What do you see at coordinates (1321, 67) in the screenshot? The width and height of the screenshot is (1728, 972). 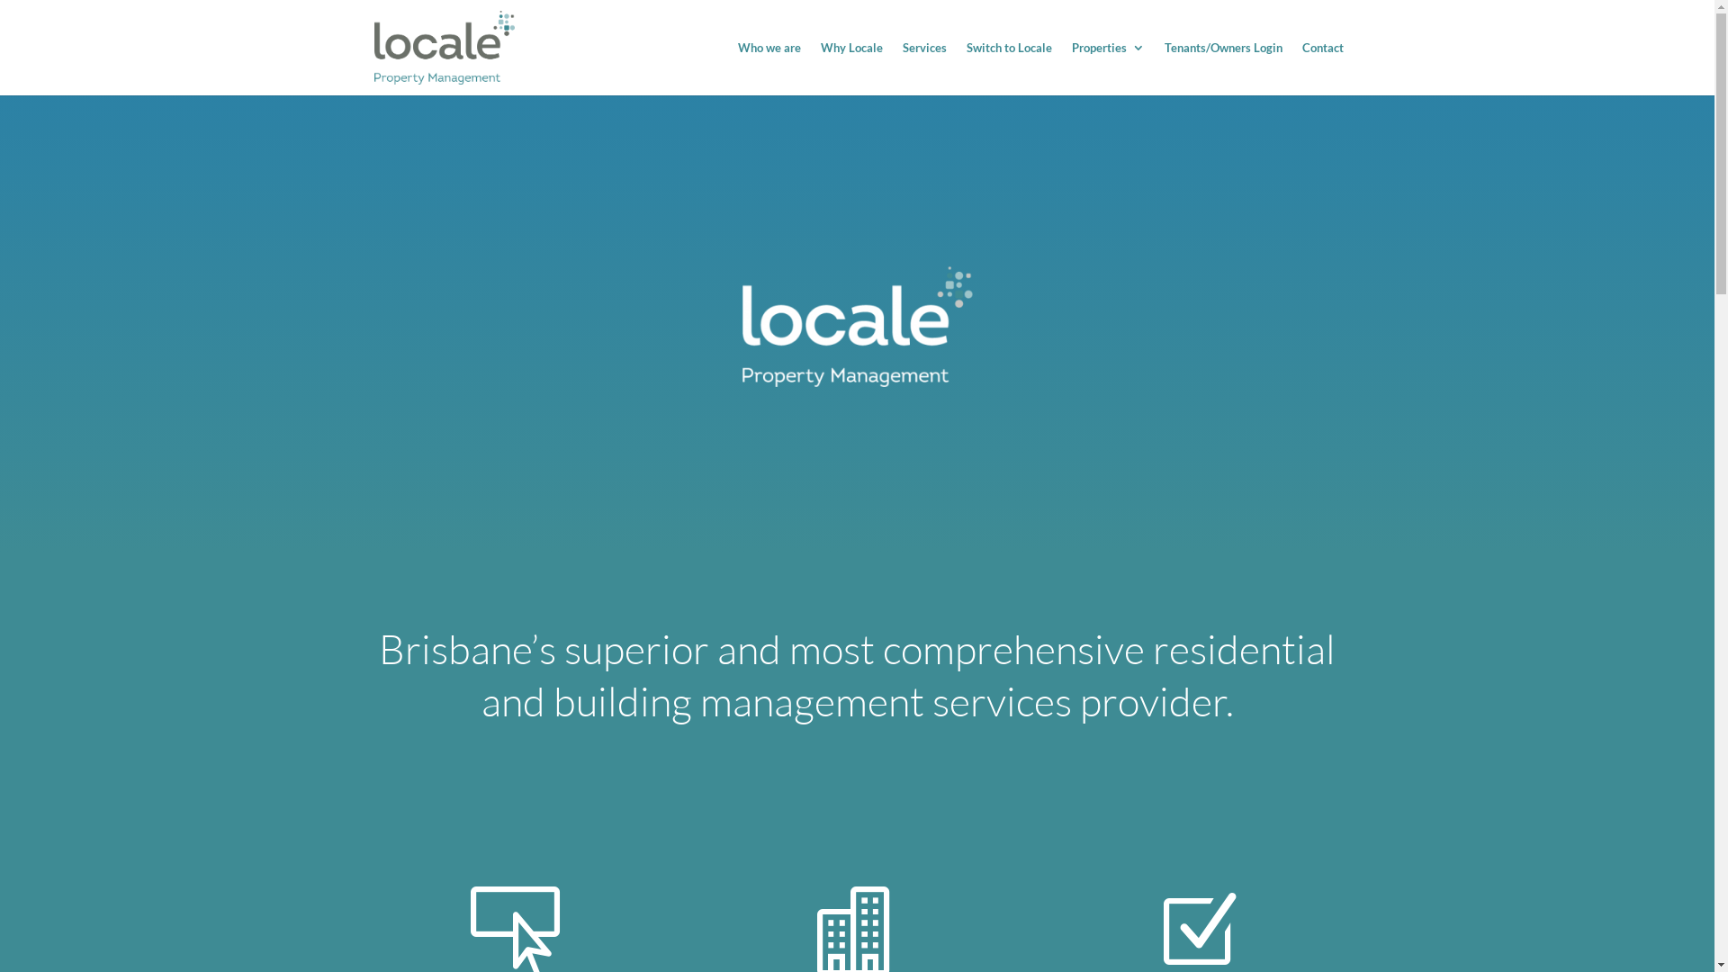 I see `'Contact'` at bounding box center [1321, 67].